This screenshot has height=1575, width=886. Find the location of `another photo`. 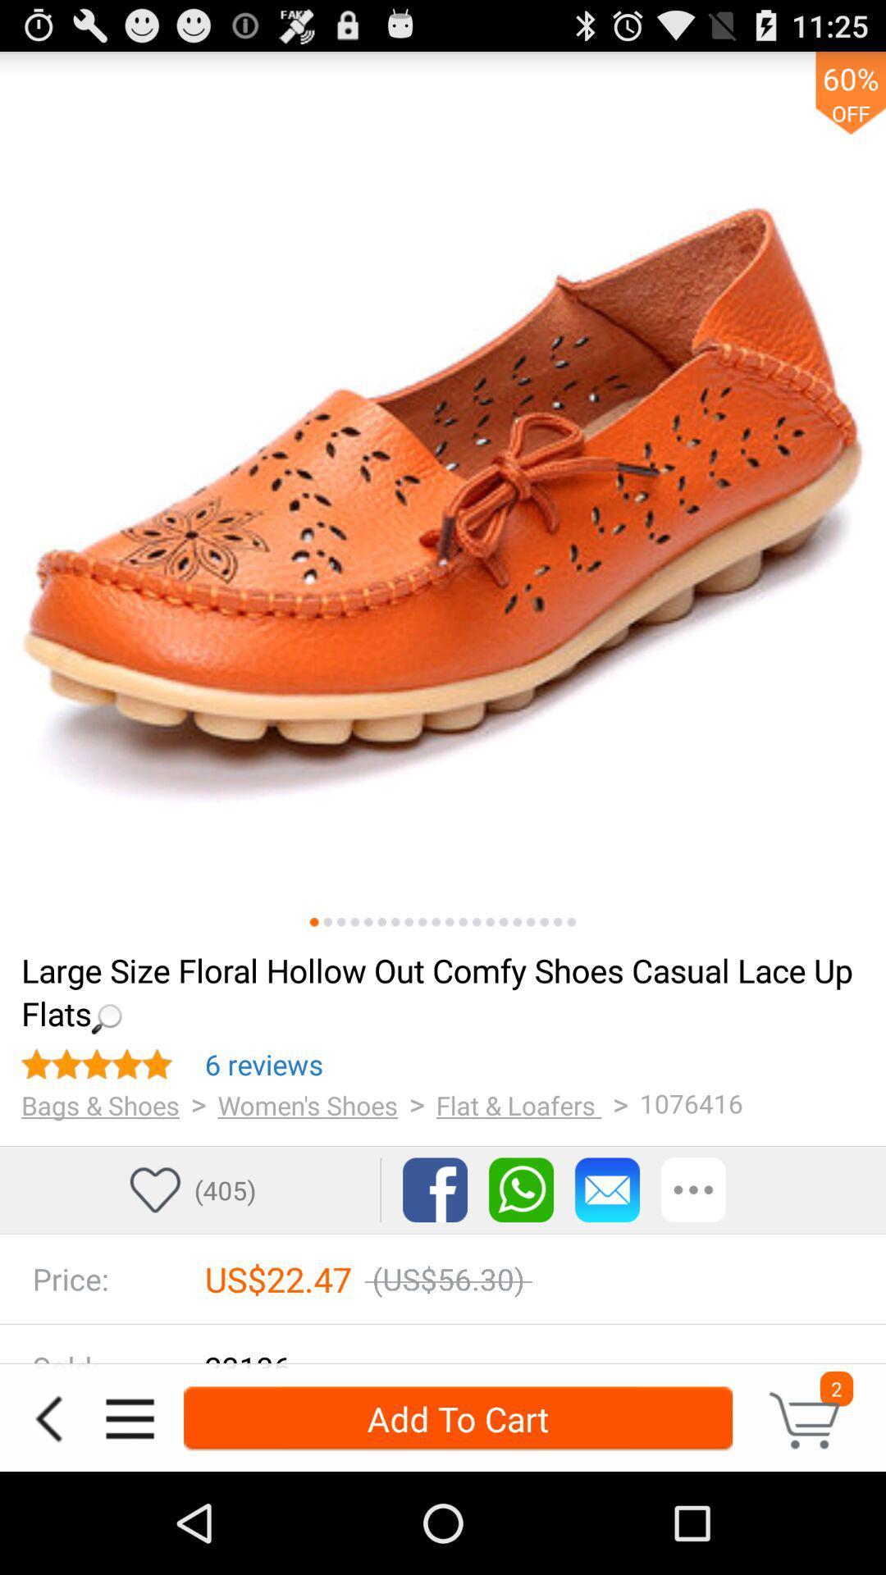

another photo is located at coordinates (570, 922).